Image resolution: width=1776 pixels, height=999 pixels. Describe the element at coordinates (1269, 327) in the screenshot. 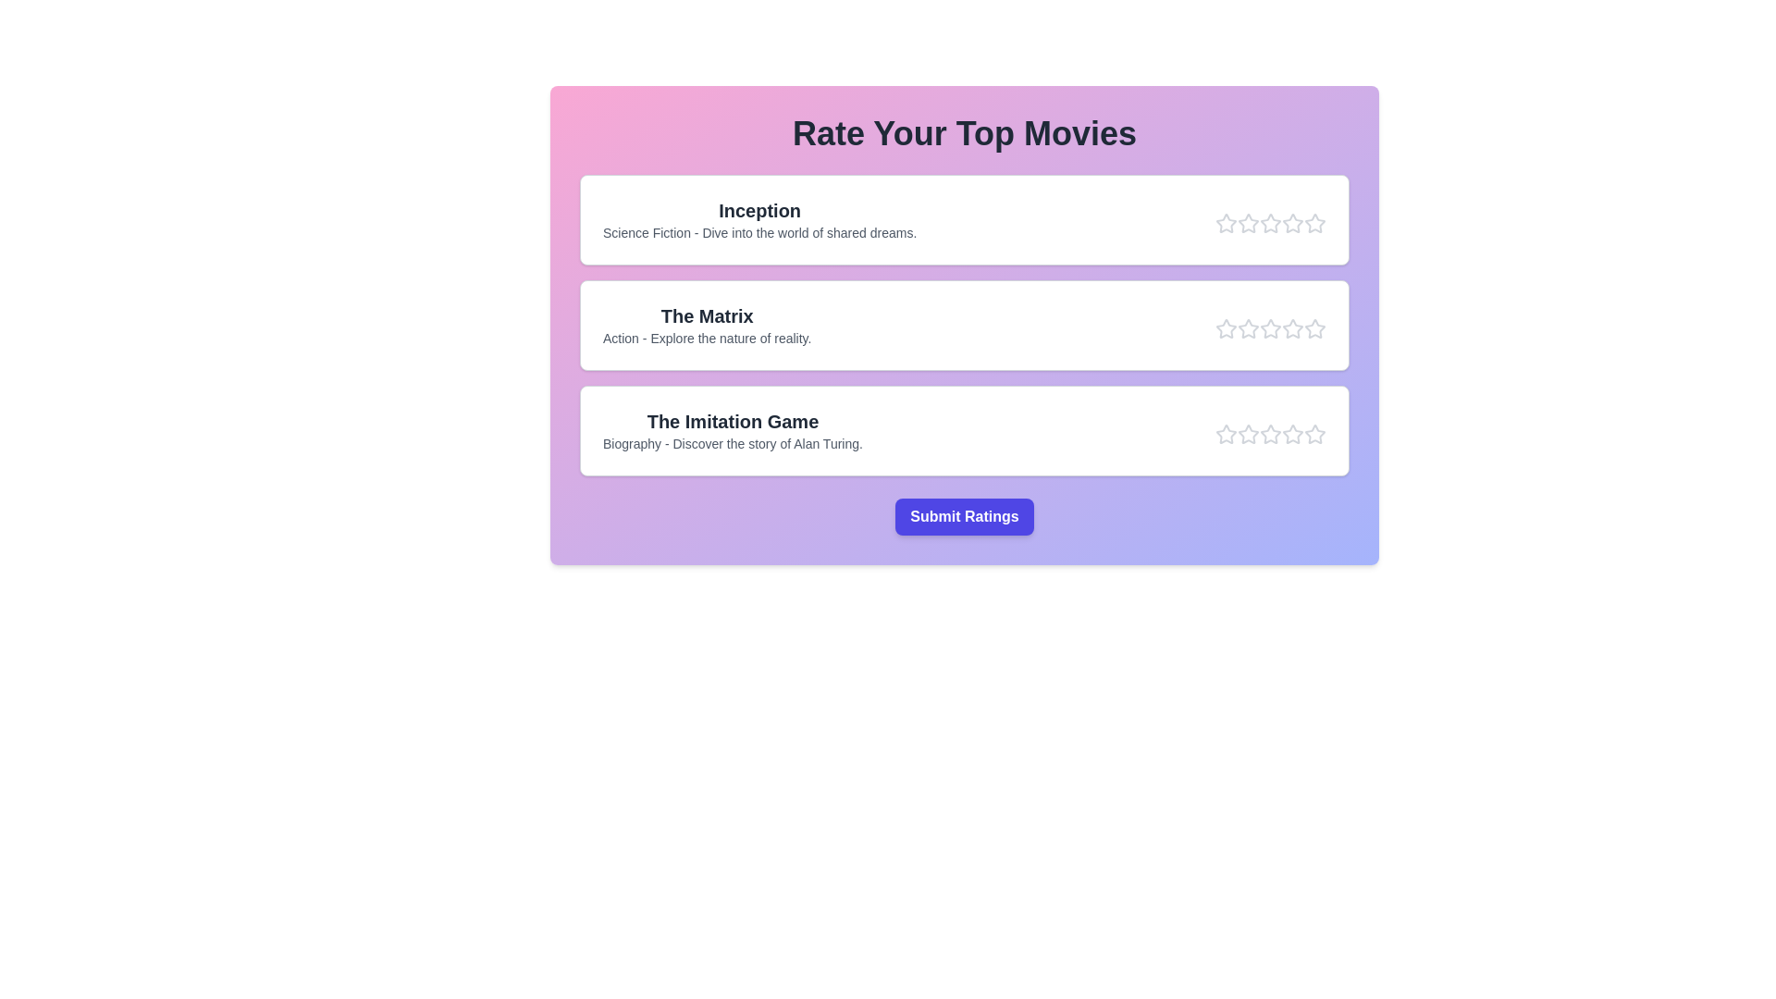

I see `the star corresponding to the rating 3 for the movie The Matrix` at that location.